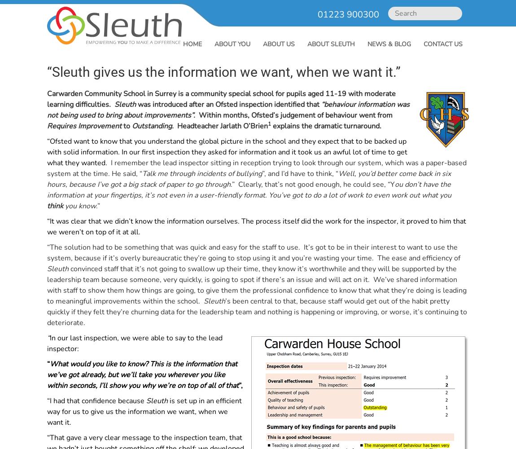  I want to click on 'you know', so click(79, 206).